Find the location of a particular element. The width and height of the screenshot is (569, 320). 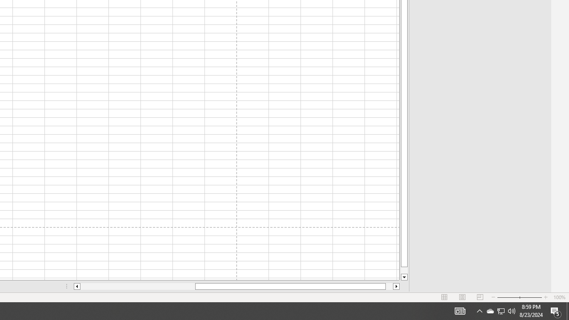

'Notification Chevron' is located at coordinates (479, 310).